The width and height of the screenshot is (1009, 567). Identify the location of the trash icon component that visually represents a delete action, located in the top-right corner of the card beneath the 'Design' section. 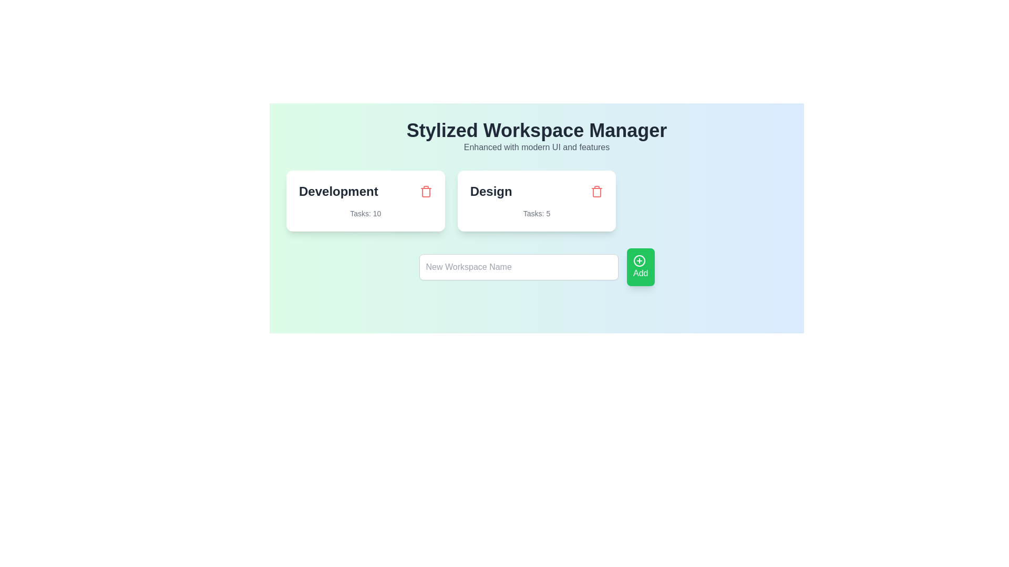
(597, 192).